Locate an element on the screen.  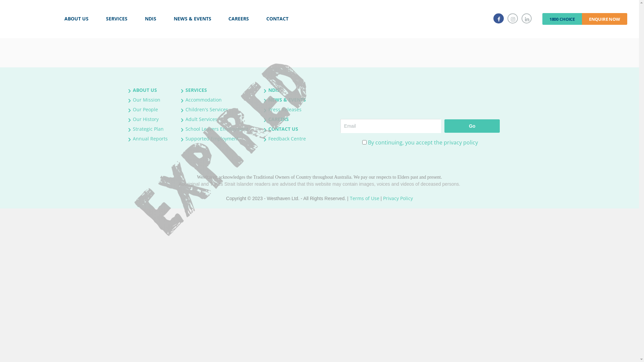
'Privacy Policy' is located at coordinates (383, 198).